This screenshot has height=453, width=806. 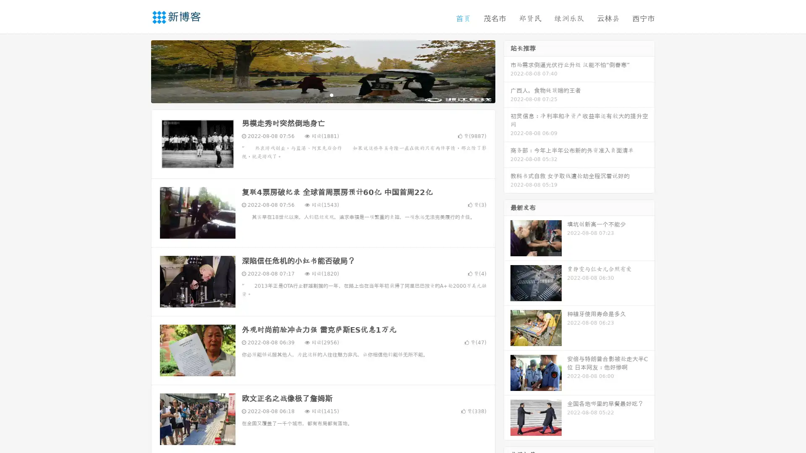 What do you see at coordinates (331, 94) in the screenshot?
I see `Go to slide 3` at bounding box center [331, 94].